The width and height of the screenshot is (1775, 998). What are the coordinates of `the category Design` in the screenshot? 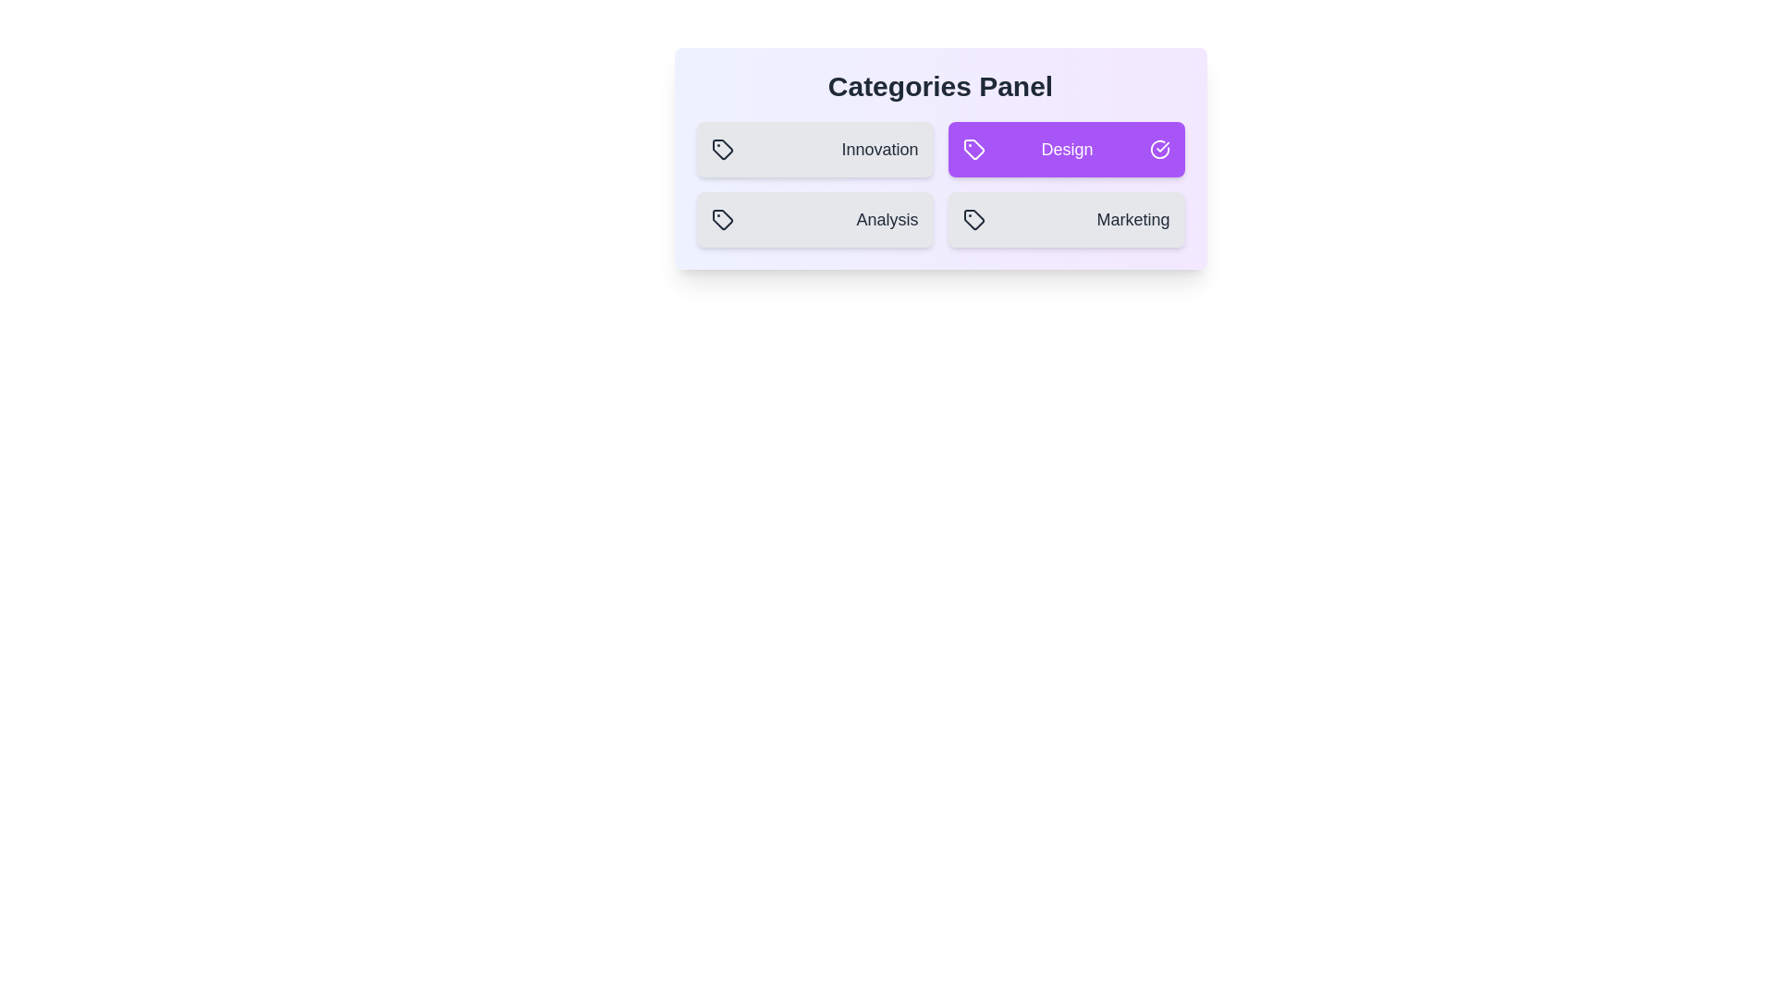 It's located at (1066, 149).